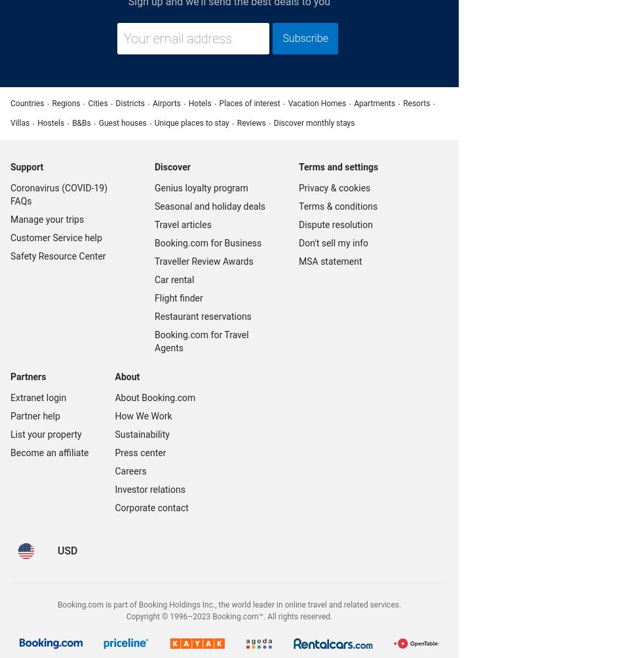 This screenshot has width=635, height=658. What do you see at coordinates (142, 433) in the screenshot?
I see `'Sustainability'` at bounding box center [142, 433].